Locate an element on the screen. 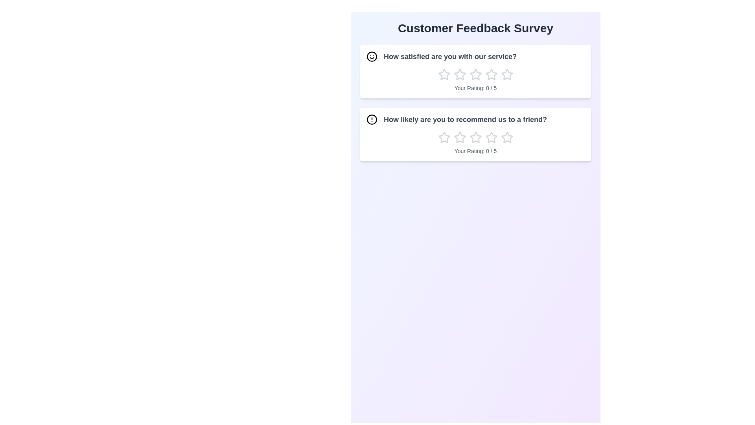 The width and height of the screenshot is (755, 425). the icon associated with the question 'How satisfied are you with our service?' is located at coordinates (371, 56).